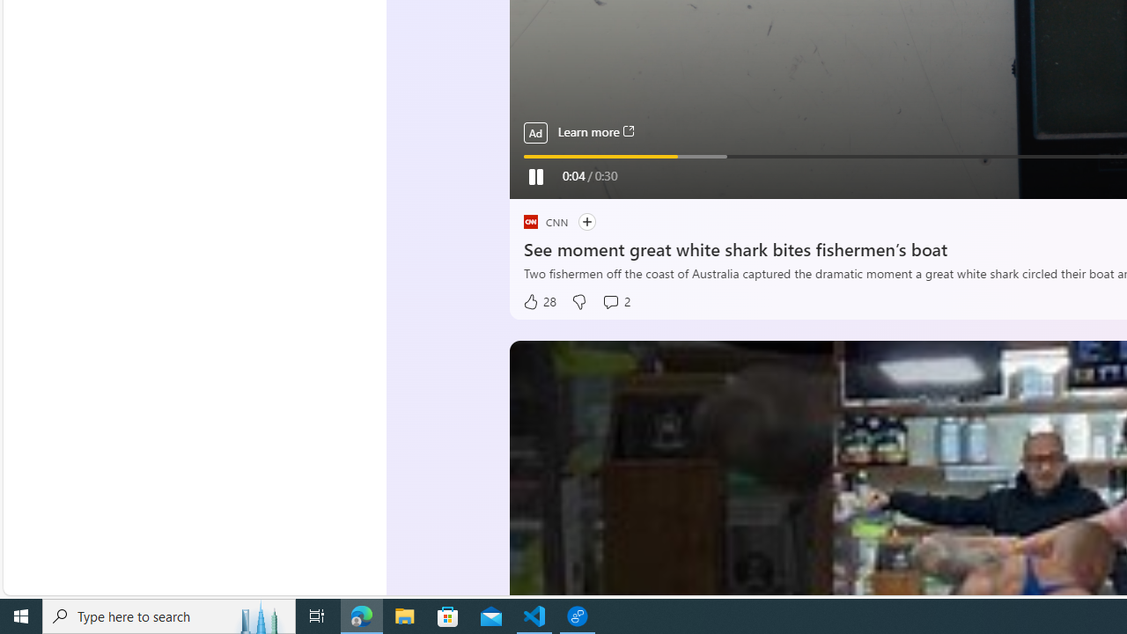 The height and width of the screenshot is (634, 1127). I want to click on 'Follow', so click(586, 221).